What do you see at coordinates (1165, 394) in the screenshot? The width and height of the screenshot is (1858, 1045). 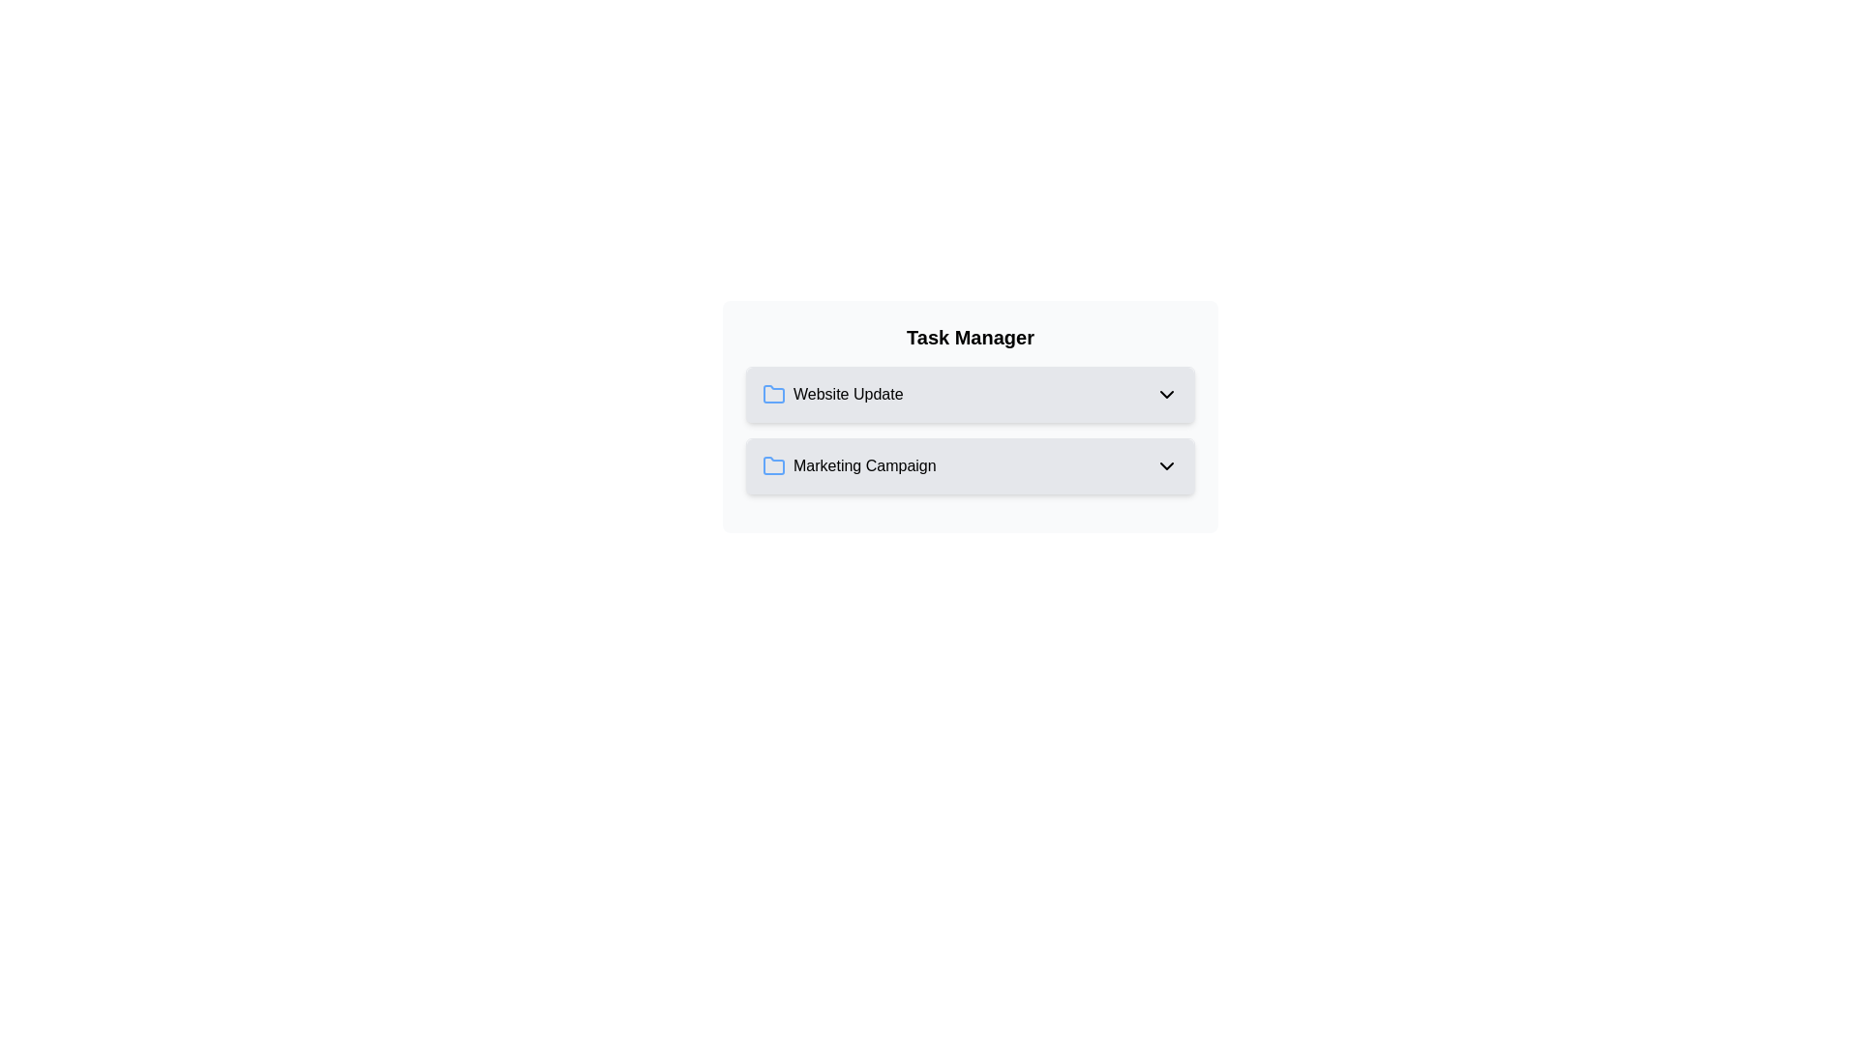 I see `chevron icon of the task Website Update to toggle its visibility` at bounding box center [1165, 394].